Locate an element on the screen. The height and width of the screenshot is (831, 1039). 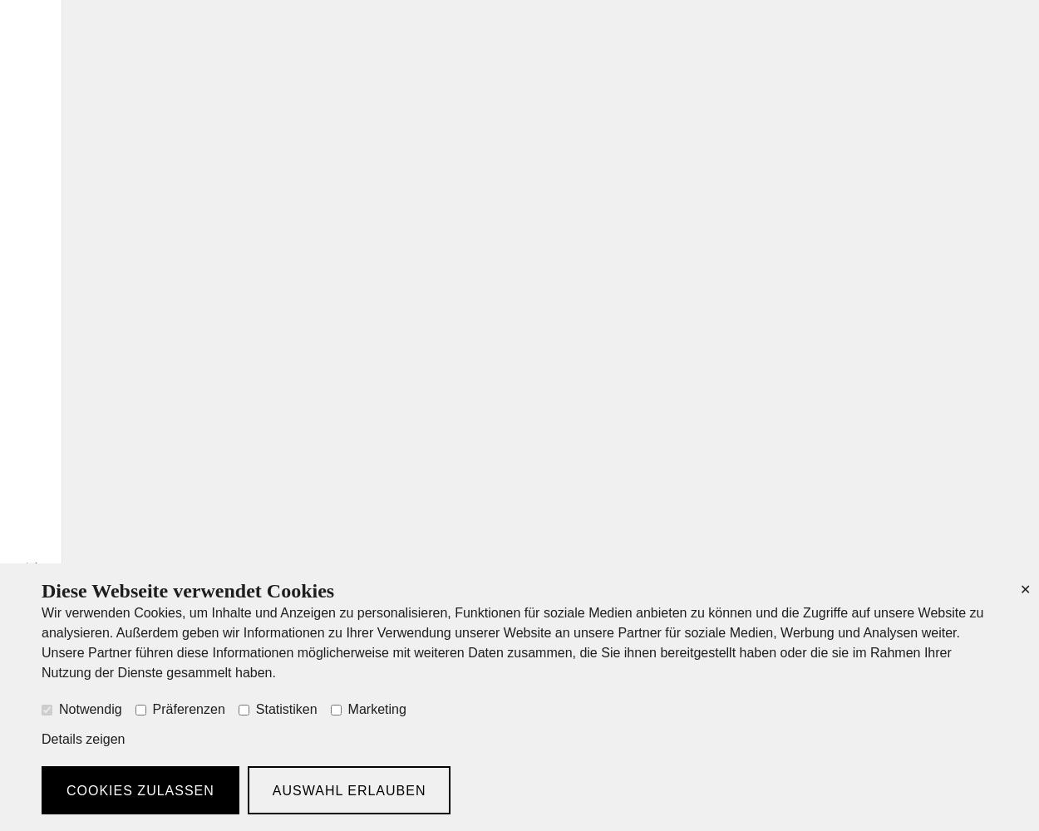
'Notwendig' is located at coordinates (89, 708).